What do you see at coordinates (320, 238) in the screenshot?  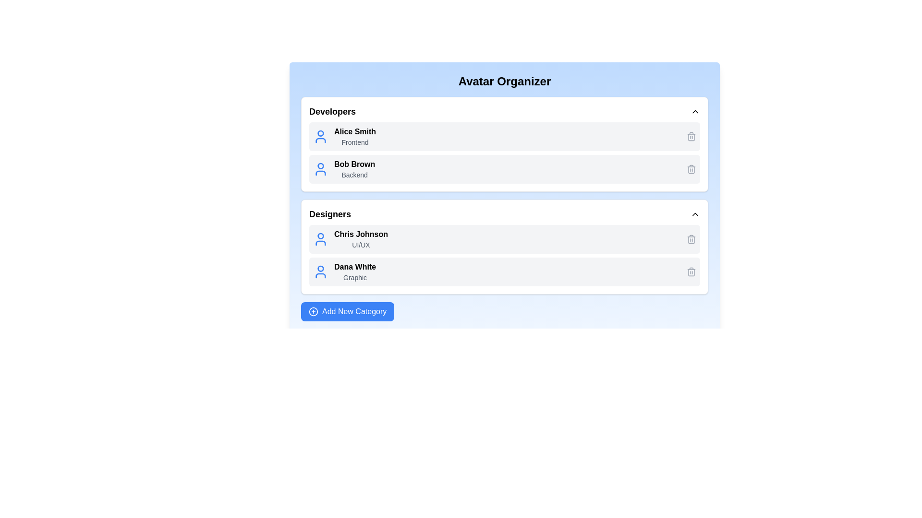 I see `the user profile icon representing 'Chris Johnson' located in the 'Designers' category section at the top row, which is the first element preceding the textual information` at bounding box center [320, 238].